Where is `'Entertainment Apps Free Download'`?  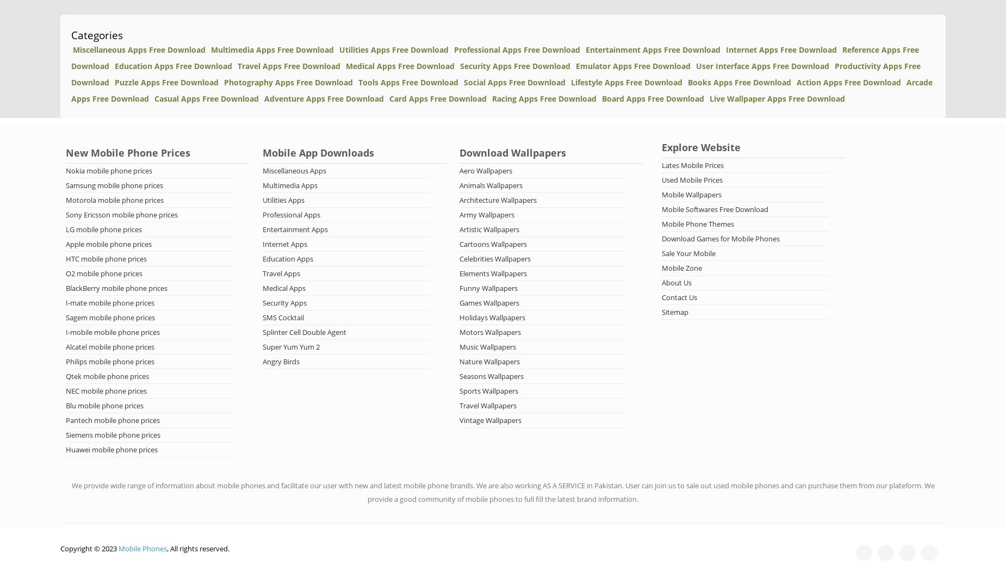
'Entertainment Apps Free Download' is located at coordinates (653, 49).